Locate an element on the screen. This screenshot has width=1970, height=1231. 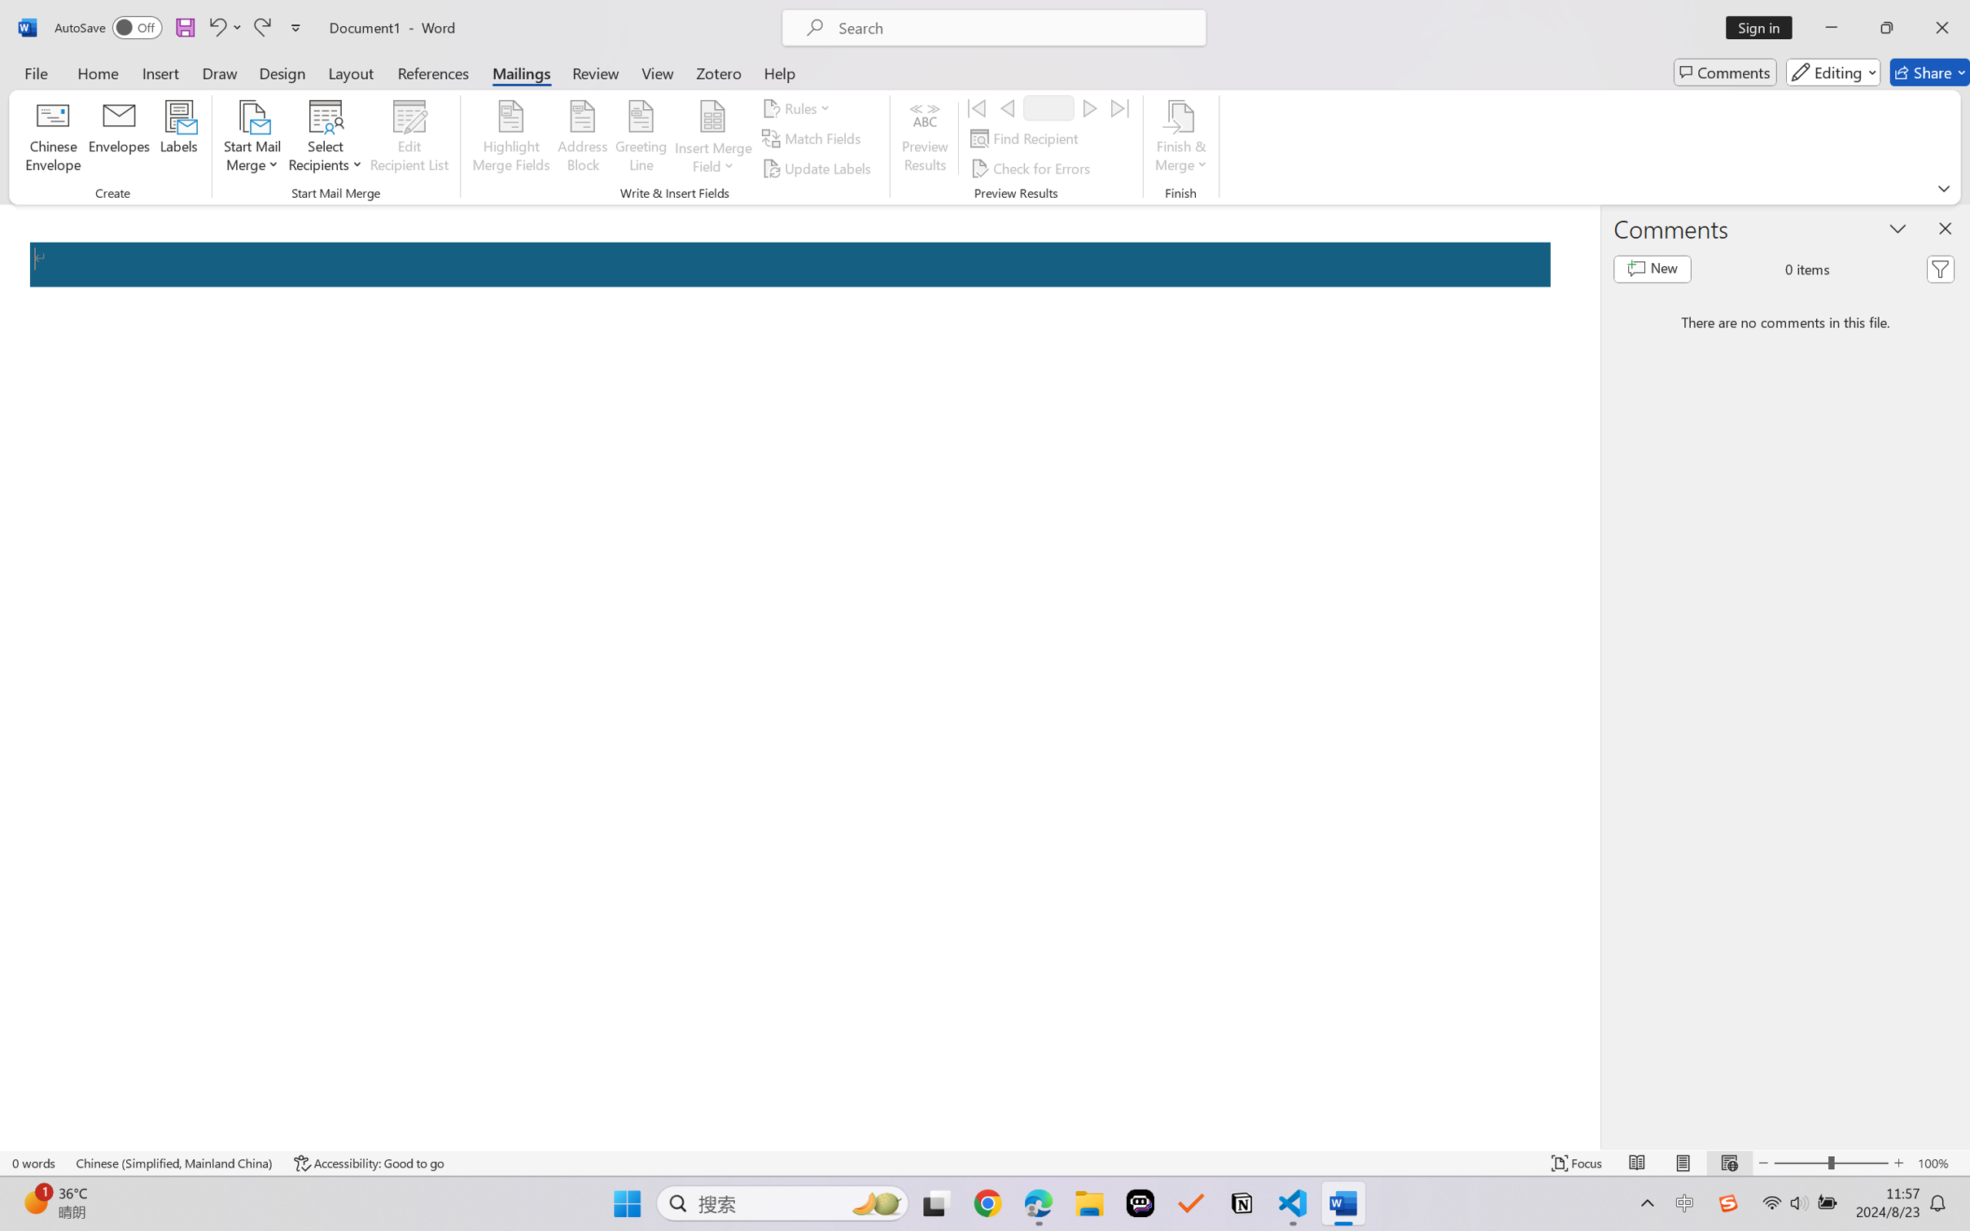
'First' is located at coordinates (977, 107).